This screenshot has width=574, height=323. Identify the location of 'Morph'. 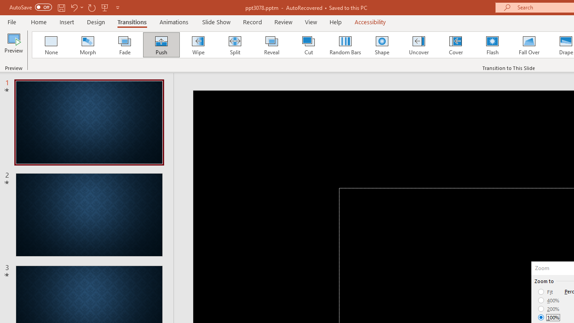
(87, 45).